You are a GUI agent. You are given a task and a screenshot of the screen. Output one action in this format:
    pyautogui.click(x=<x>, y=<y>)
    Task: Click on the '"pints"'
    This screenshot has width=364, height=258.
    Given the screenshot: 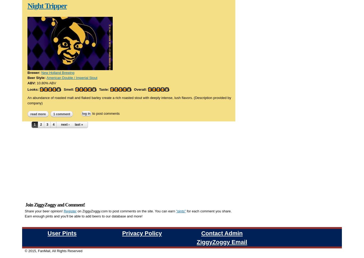 What is the action you would take?
    pyautogui.click(x=176, y=148)
    